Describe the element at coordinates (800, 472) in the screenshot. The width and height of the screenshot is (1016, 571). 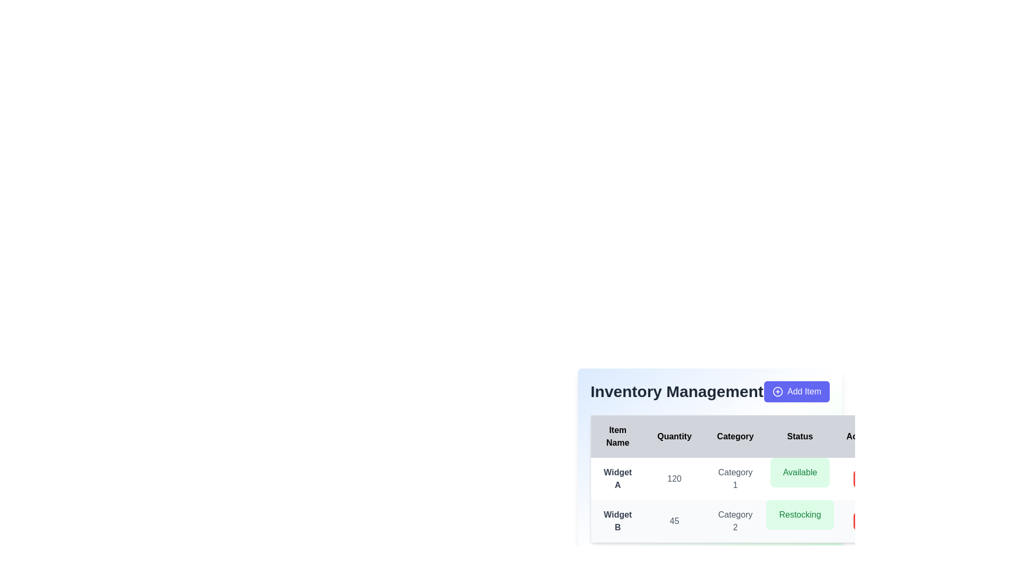
I see `the status text label in the first row of the table indicating the availability of the item, located centrally in the 'Status' column adjacent to 'Category 1'` at that location.